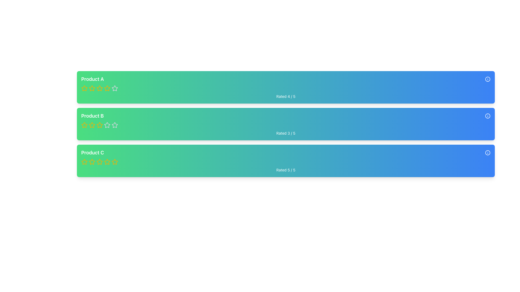 The width and height of the screenshot is (520, 292). What do you see at coordinates (107, 125) in the screenshot?
I see `the sixth star icon for ratings associated with 'Product B' located towards the bottom of the list in the second row of products` at bounding box center [107, 125].